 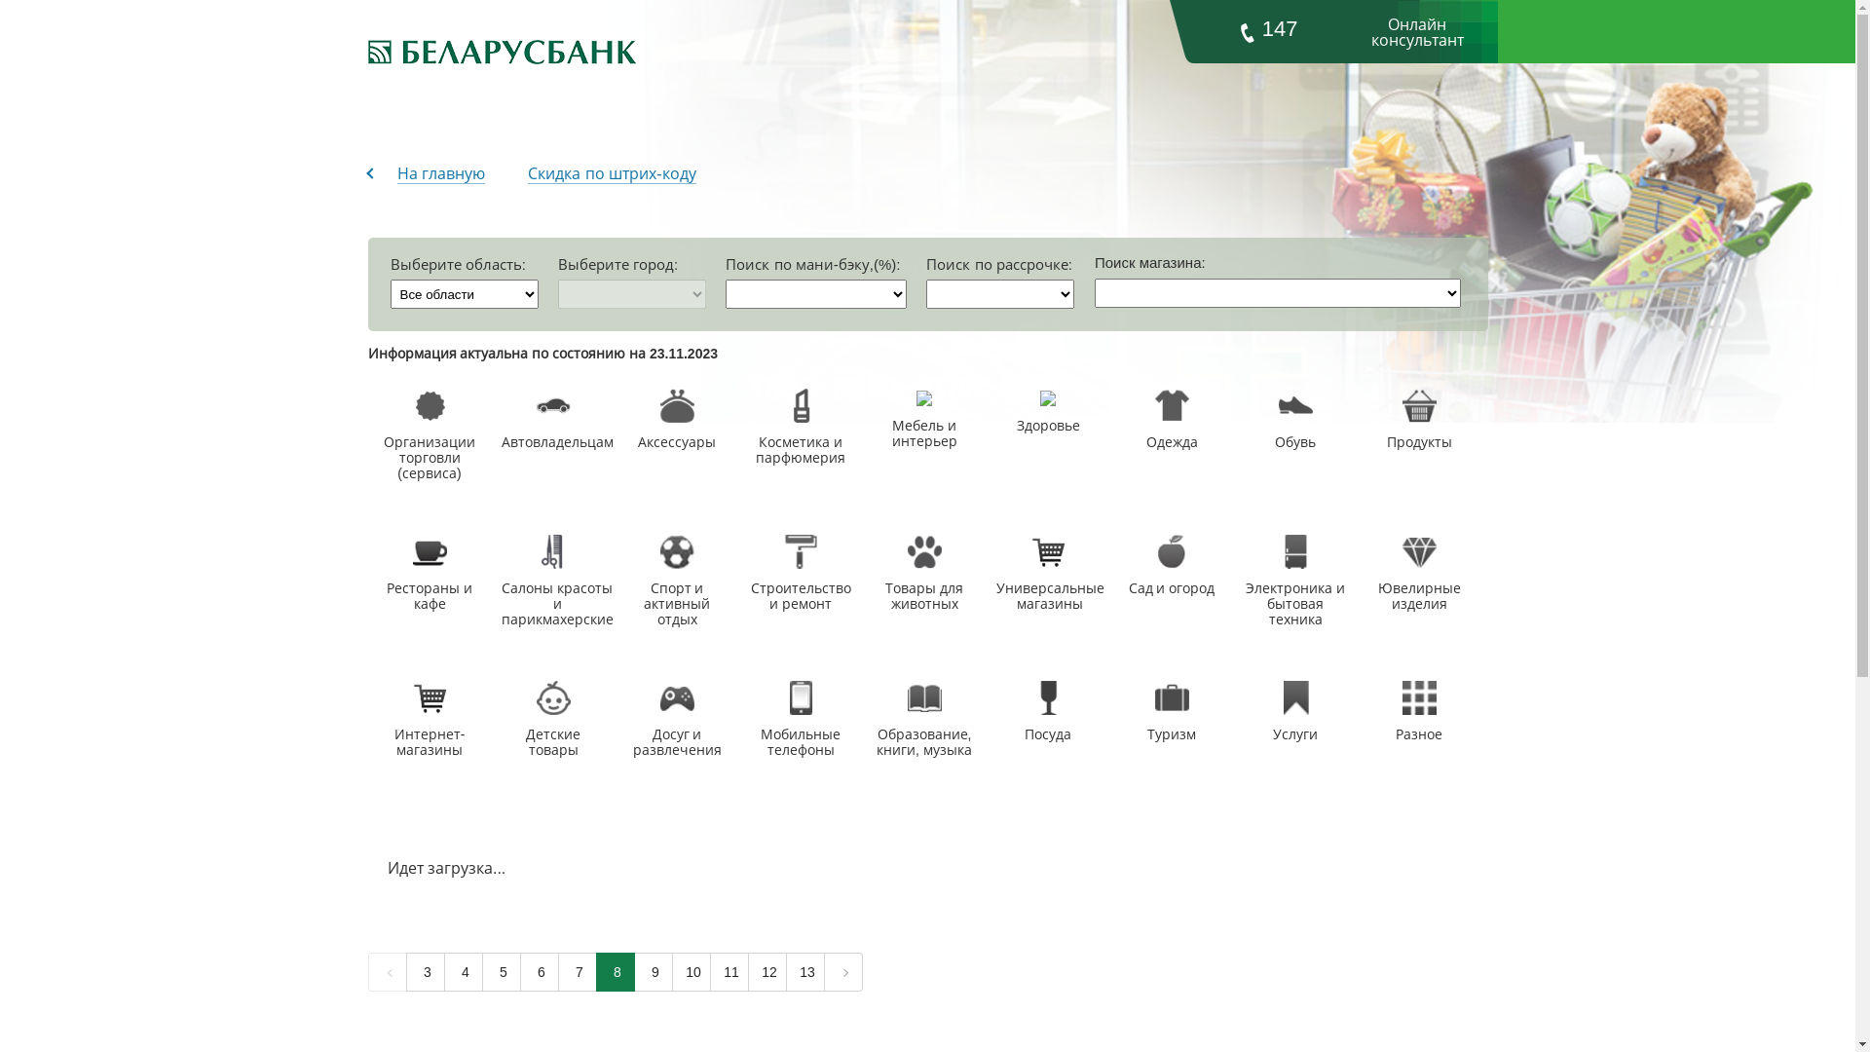 What do you see at coordinates (462, 972) in the screenshot?
I see `'4'` at bounding box center [462, 972].